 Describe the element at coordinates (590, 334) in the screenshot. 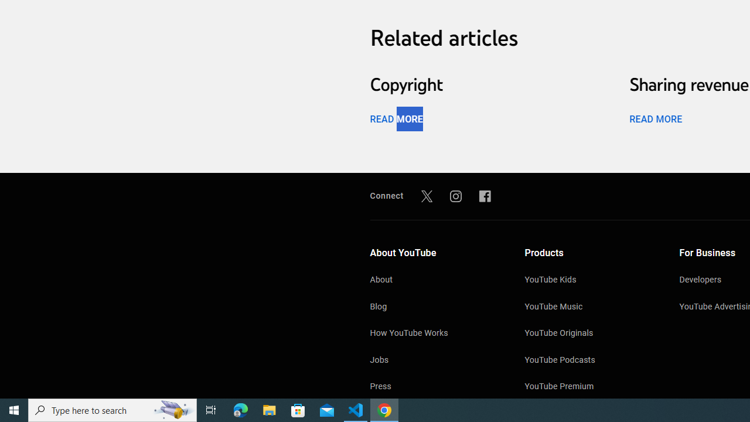

I see `'YouTube Originals'` at that location.